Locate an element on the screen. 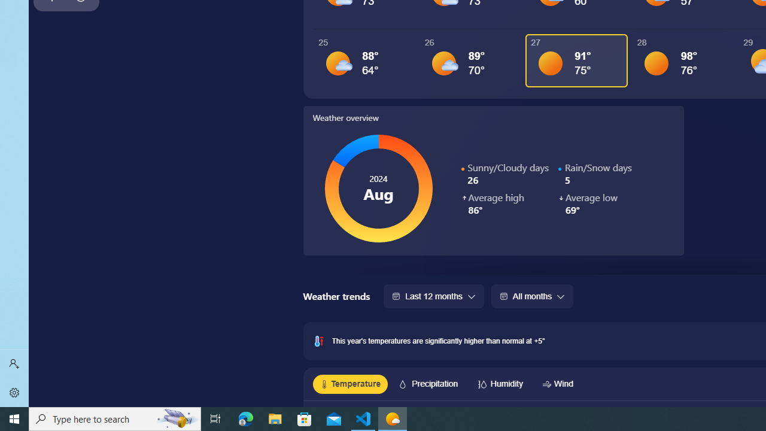 This screenshot has height=431, width=766. 'File Explorer' is located at coordinates (275, 418).